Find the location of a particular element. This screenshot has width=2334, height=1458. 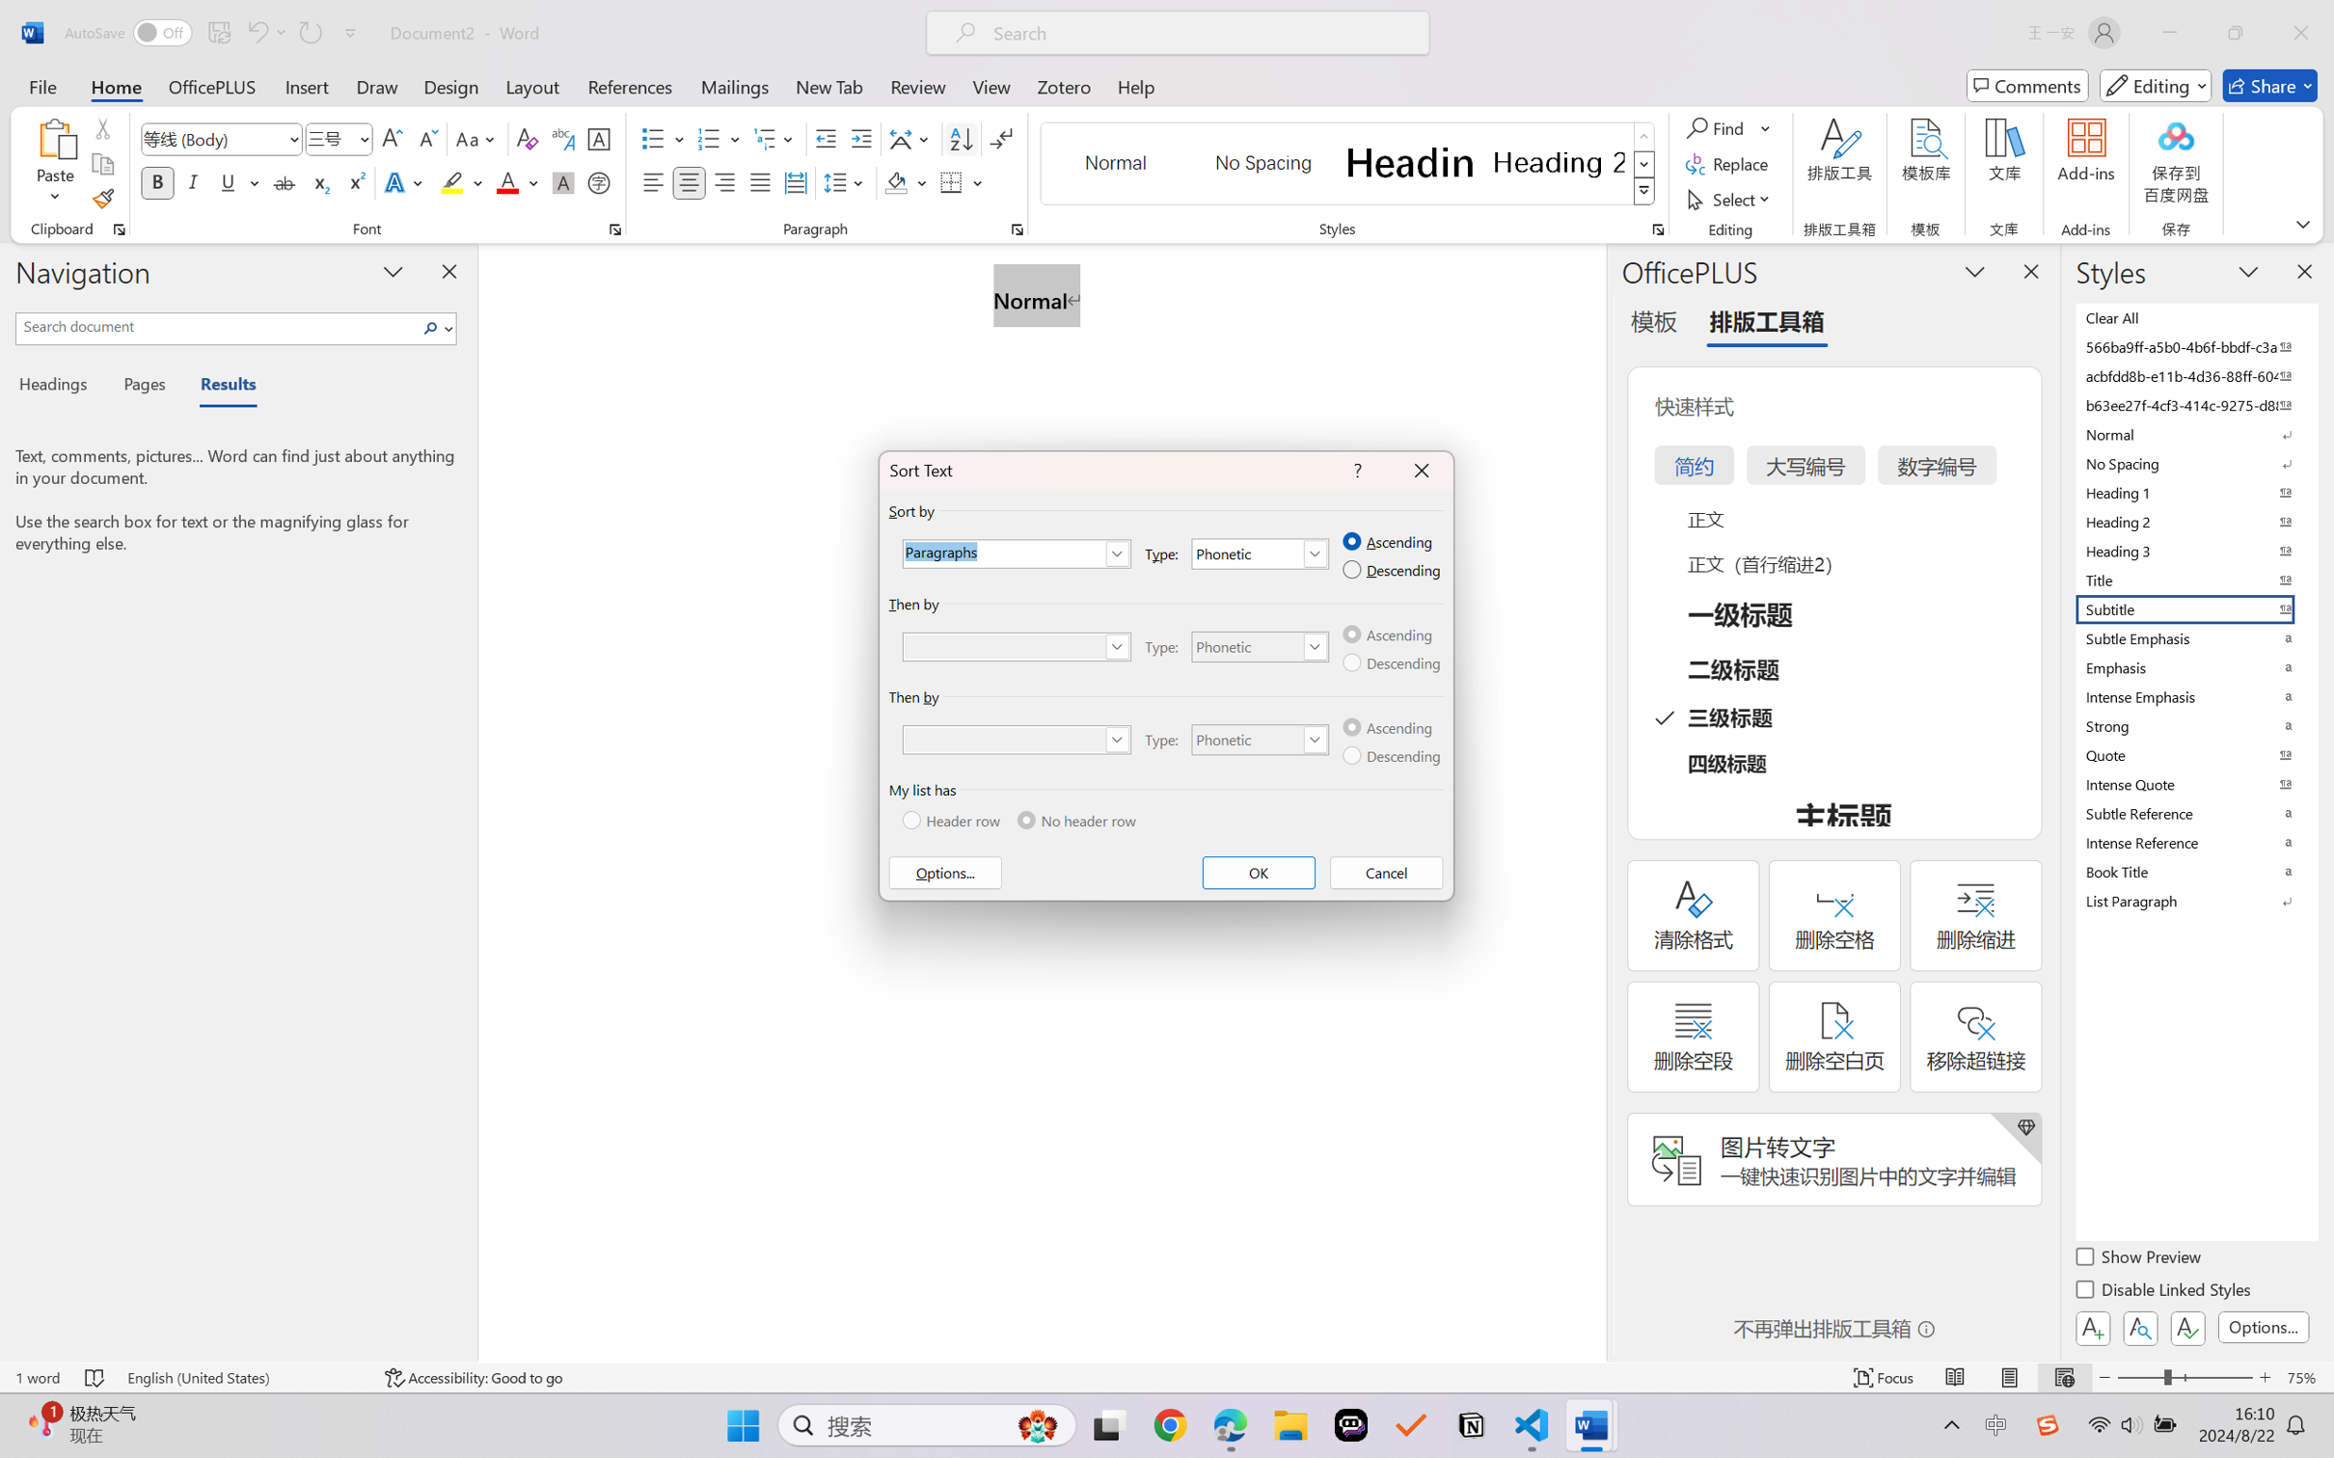

'Pages' is located at coordinates (142, 387).